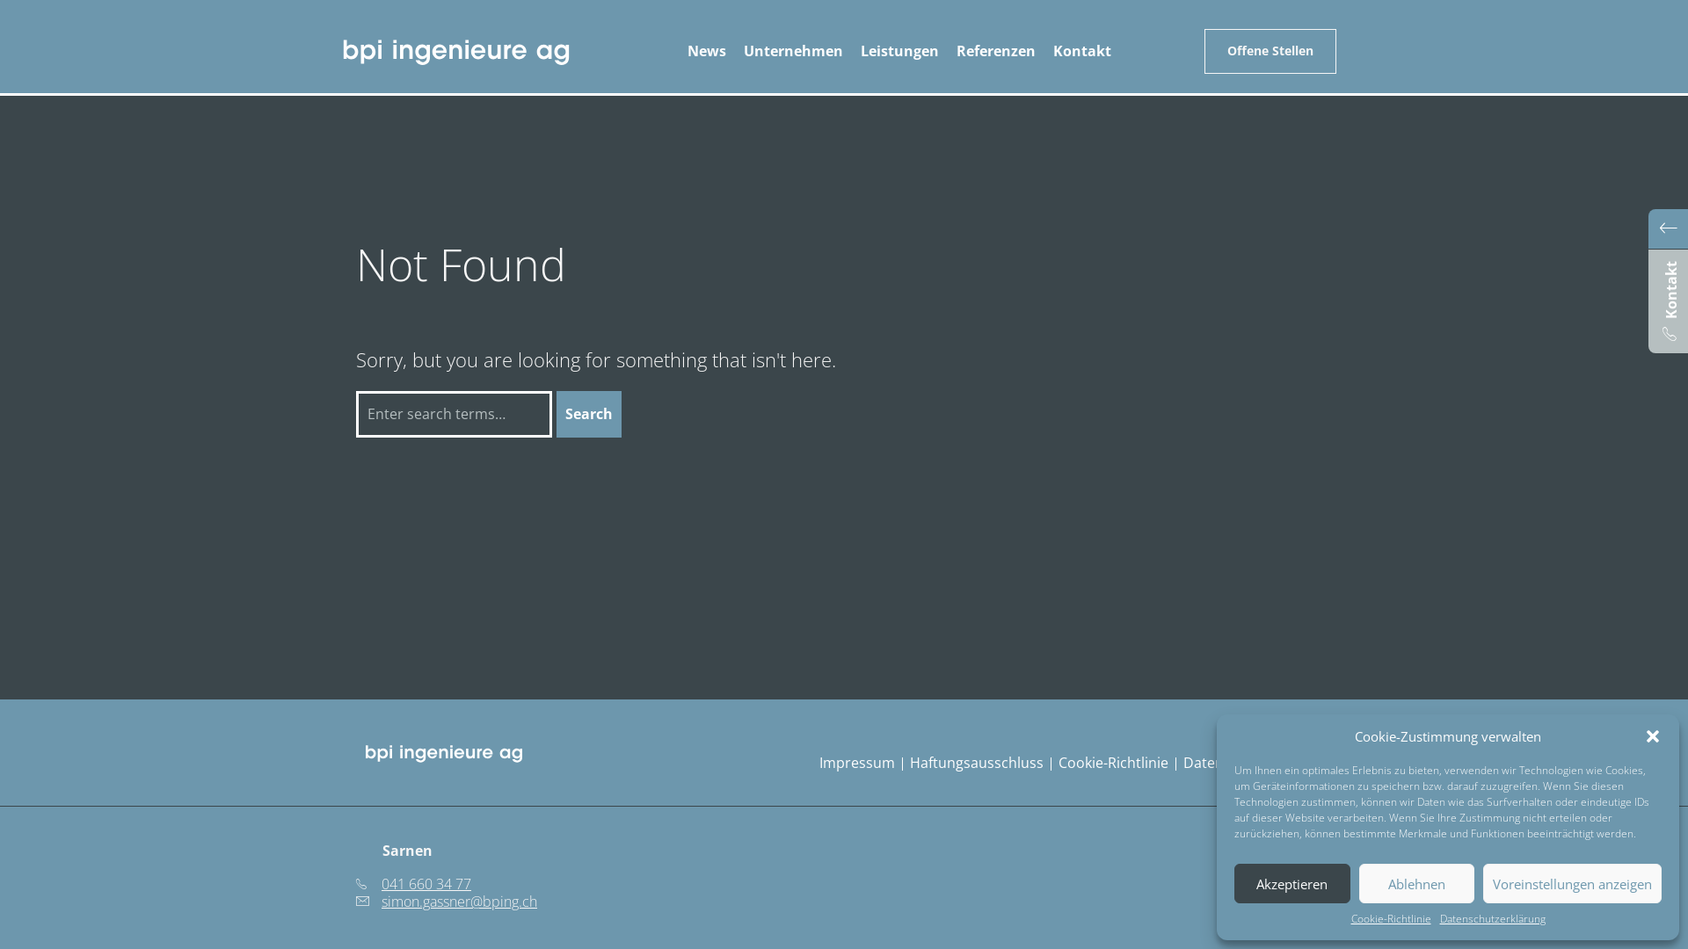 The width and height of the screenshot is (1688, 949). I want to click on 'Leistungen', so click(860, 50).